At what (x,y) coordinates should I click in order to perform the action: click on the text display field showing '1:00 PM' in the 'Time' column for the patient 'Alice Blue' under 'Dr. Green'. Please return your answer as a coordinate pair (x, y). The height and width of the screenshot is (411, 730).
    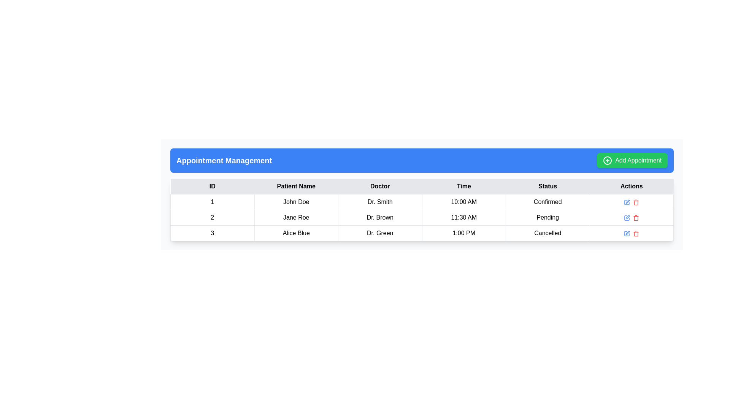
    Looking at the image, I should click on (463, 233).